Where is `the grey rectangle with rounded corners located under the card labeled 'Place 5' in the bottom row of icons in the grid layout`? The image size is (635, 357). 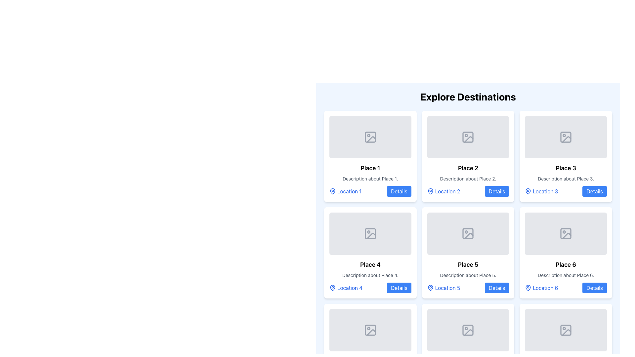 the grey rectangle with rounded corners located under the card labeled 'Place 5' in the bottom row of icons in the grid layout is located at coordinates (468, 330).